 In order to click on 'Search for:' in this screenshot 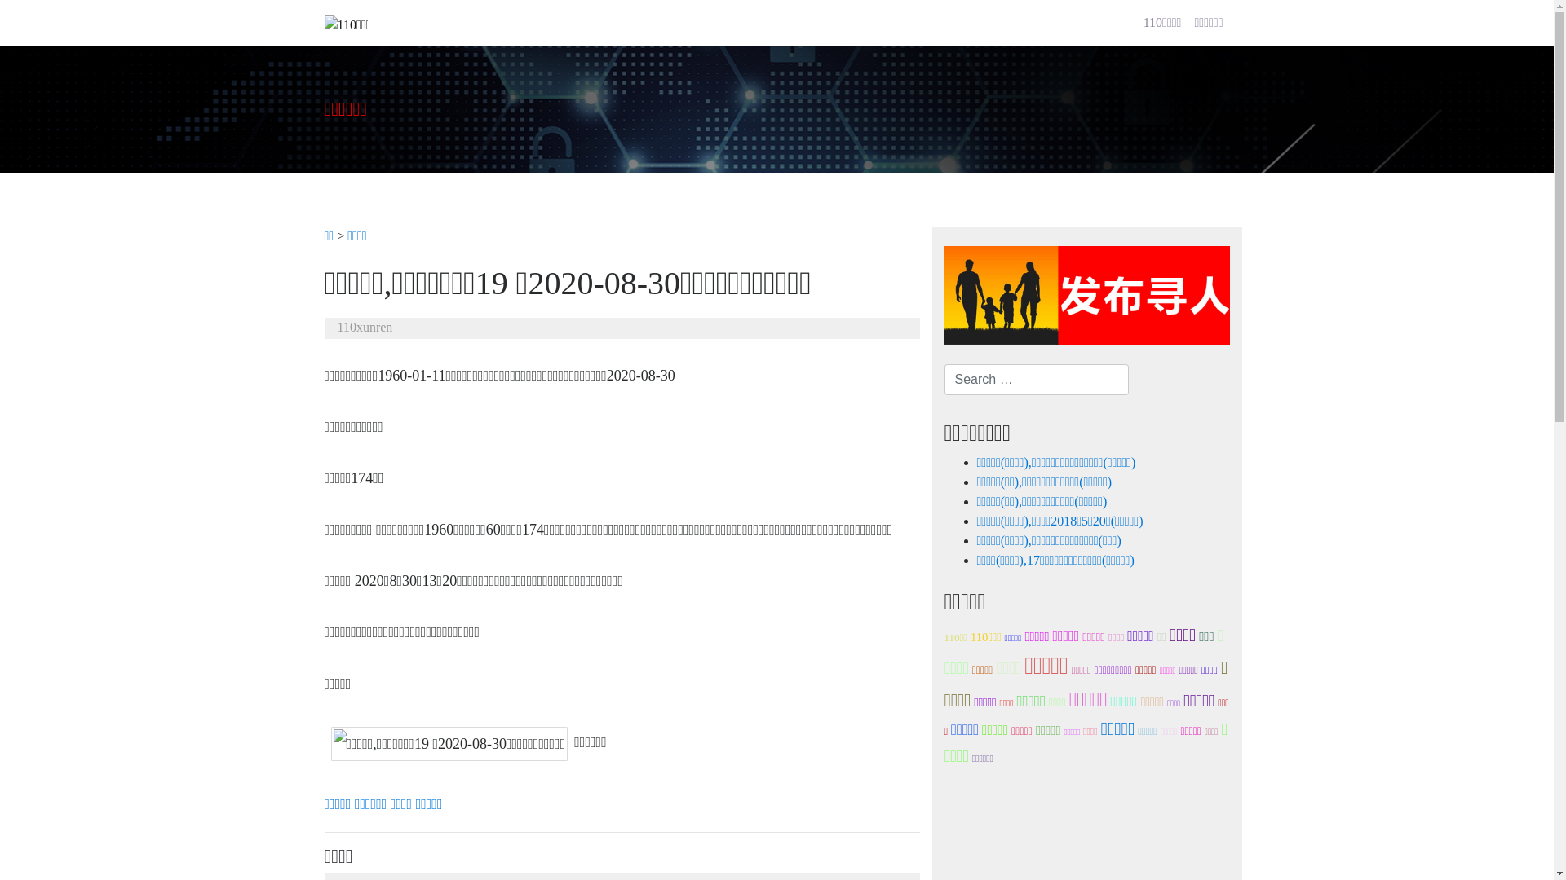, I will do `click(1036, 380)`.